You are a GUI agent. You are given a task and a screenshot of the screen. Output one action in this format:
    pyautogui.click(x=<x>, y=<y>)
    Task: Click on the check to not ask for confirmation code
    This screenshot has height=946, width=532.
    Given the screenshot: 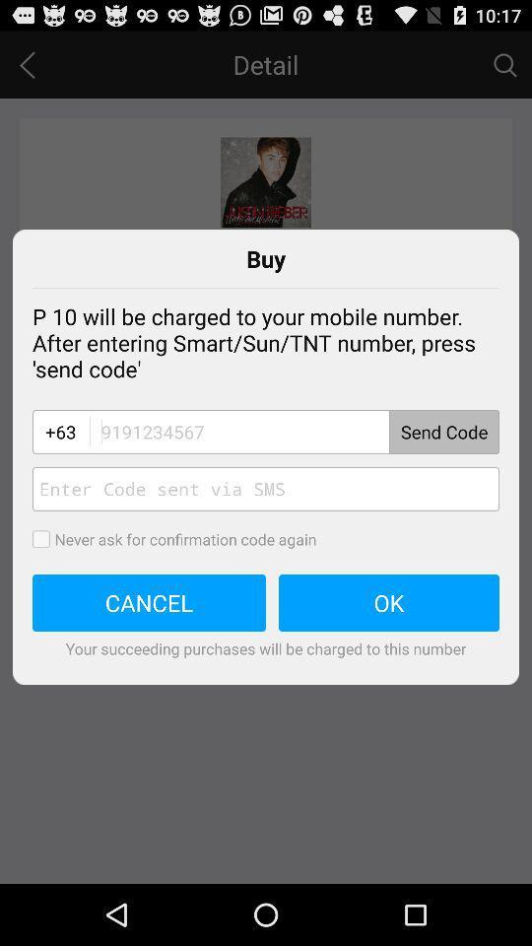 What is the action you would take?
    pyautogui.click(x=47, y=539)
    